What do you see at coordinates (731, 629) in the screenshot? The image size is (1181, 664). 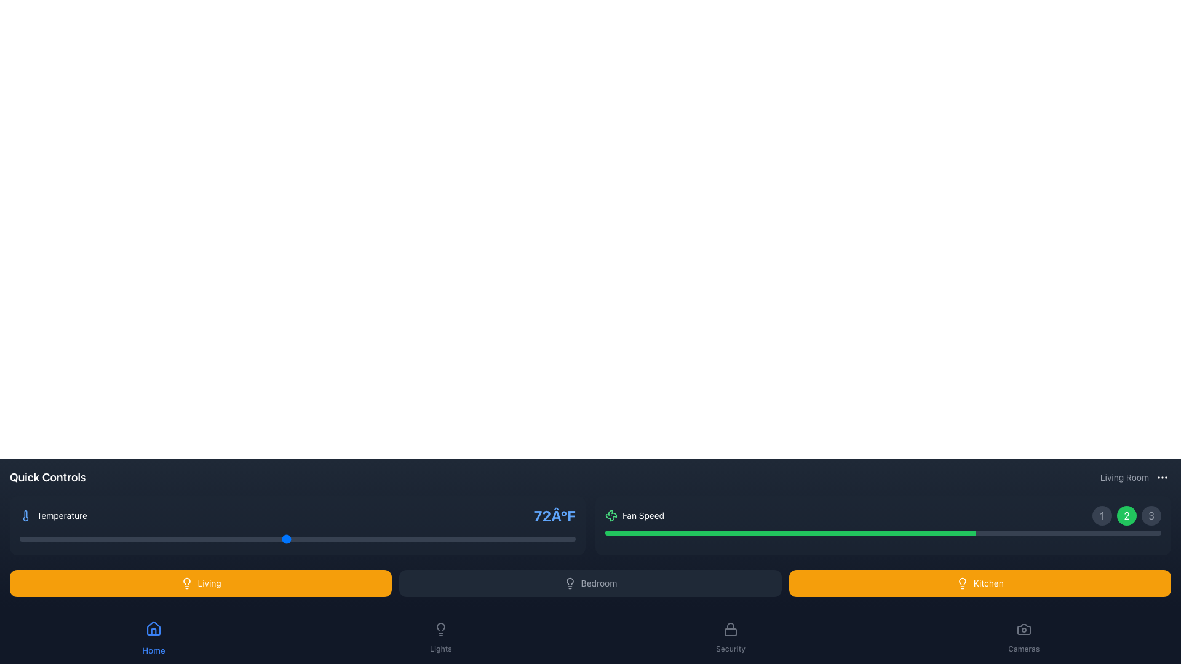 I see `the lock icon in the bottom navigation panel labeled 'Security'` at bounding box center [731, 629].